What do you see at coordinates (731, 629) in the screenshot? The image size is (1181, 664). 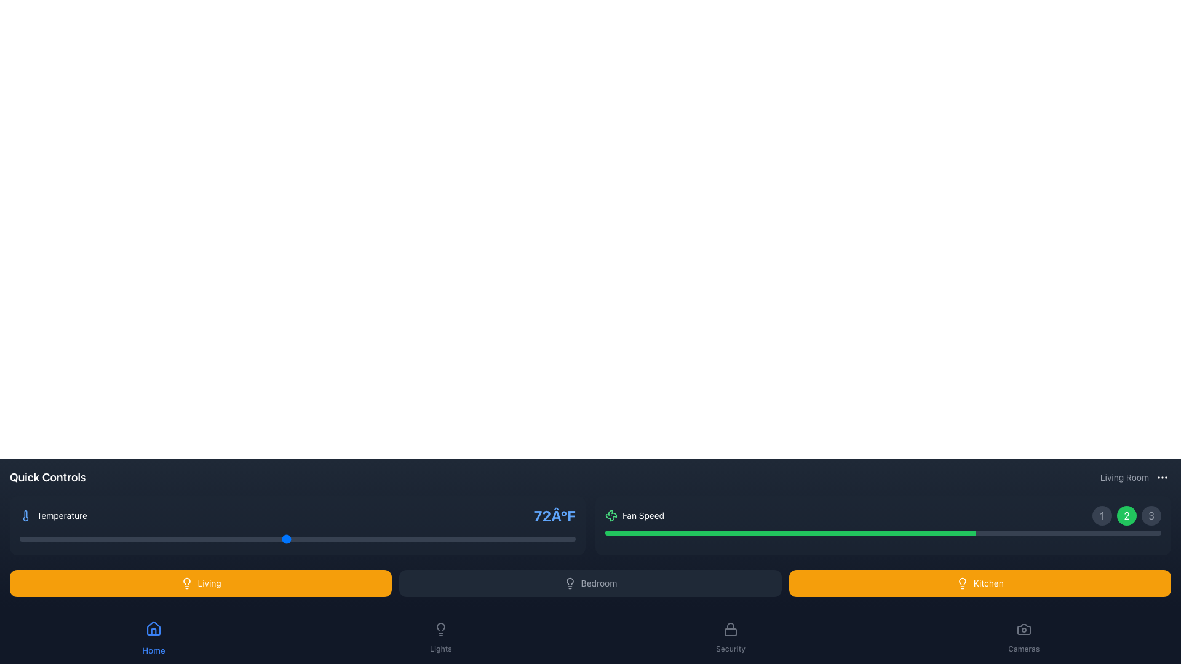 I see `the lock icon in the bottom navigation panel labeled 'Security'` at bounding box center [731, 629].